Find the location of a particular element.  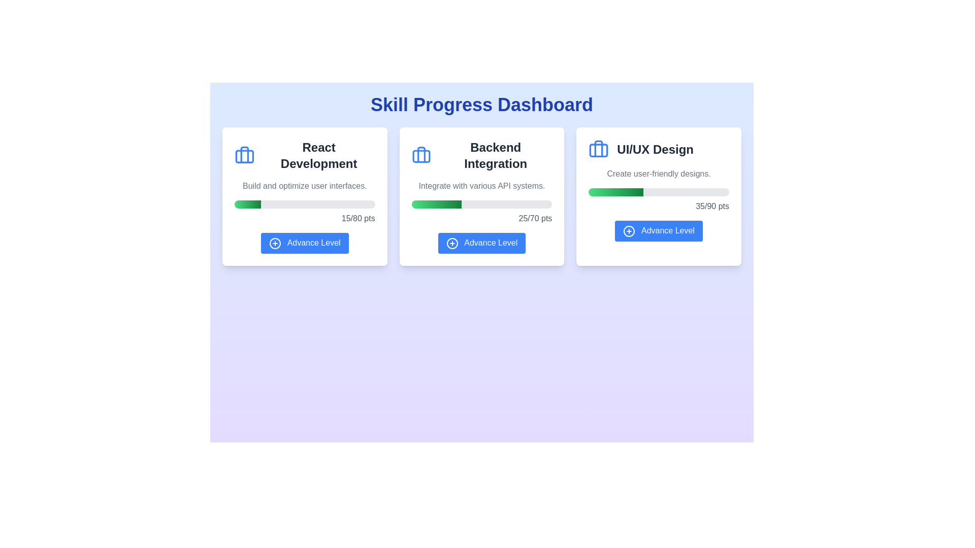

the gradient-filled progress bar located within the 'UI/UX Design' card, which is the rightmost card among three on the same row, positioned below its descriptive text and above the score indicator '35/90 pts' is located at coordinates (615, 192).